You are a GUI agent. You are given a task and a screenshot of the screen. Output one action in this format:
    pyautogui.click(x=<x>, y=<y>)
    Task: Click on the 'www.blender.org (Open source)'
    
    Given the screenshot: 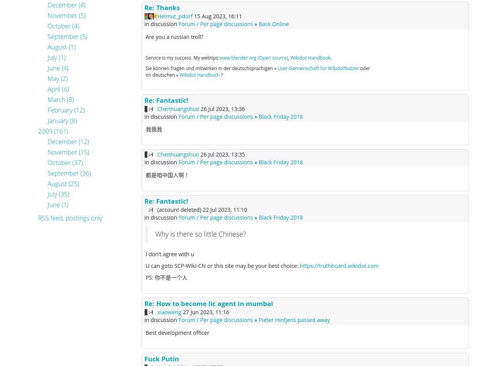 What is the action you would take?
    pyautogui.click(x=253, y=57)
    